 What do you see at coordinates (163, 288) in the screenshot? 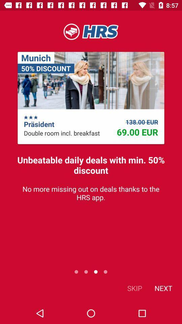
I see `next` at bounding box center [163, 288].